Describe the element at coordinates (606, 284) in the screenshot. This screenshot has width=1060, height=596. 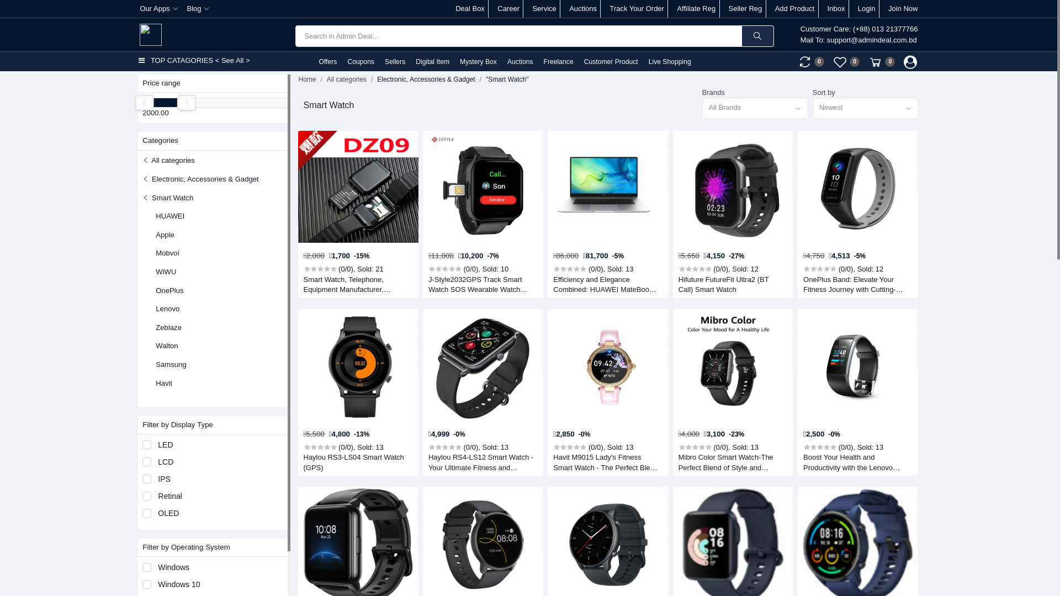
I see `'Efficiency and Elegance Combined: HUAWEI MateBook D 15'` at that location.